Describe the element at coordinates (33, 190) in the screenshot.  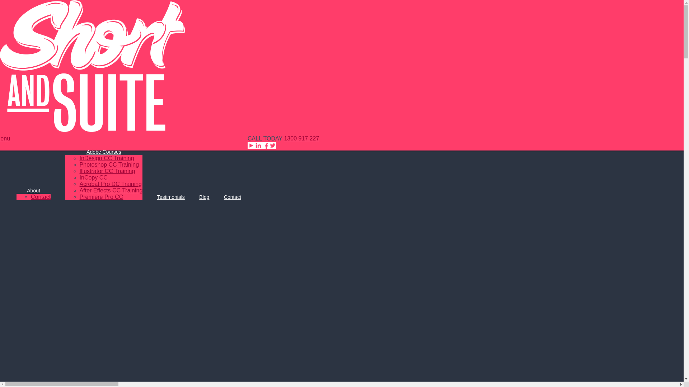
I see `'About'` at that location.